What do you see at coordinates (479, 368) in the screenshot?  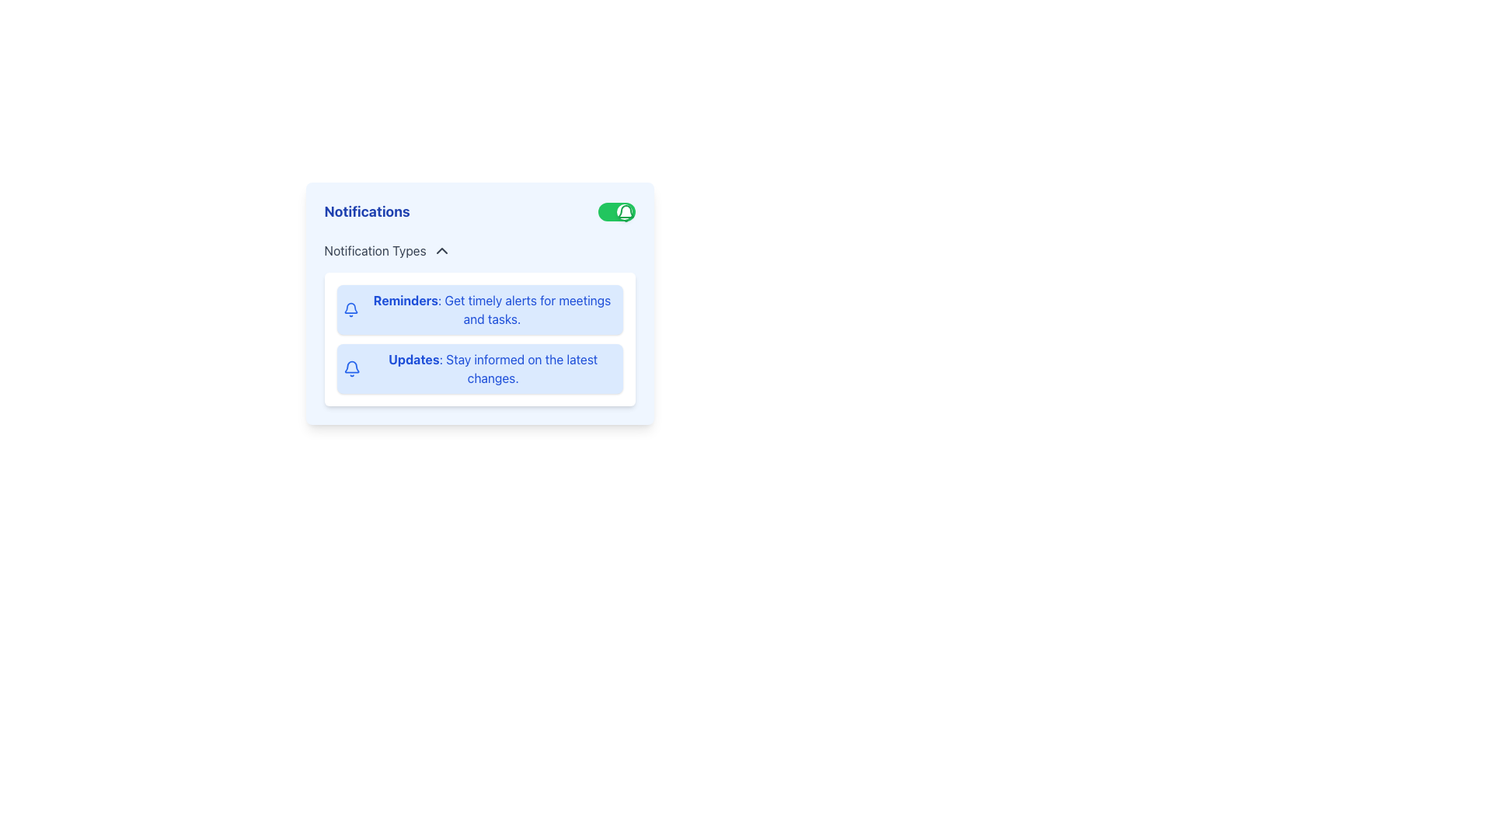 I see `the content of the second Notification Card, which is positioned below the 'Reminders' card in a vertically stacked list` at bounding box center [479, 368].